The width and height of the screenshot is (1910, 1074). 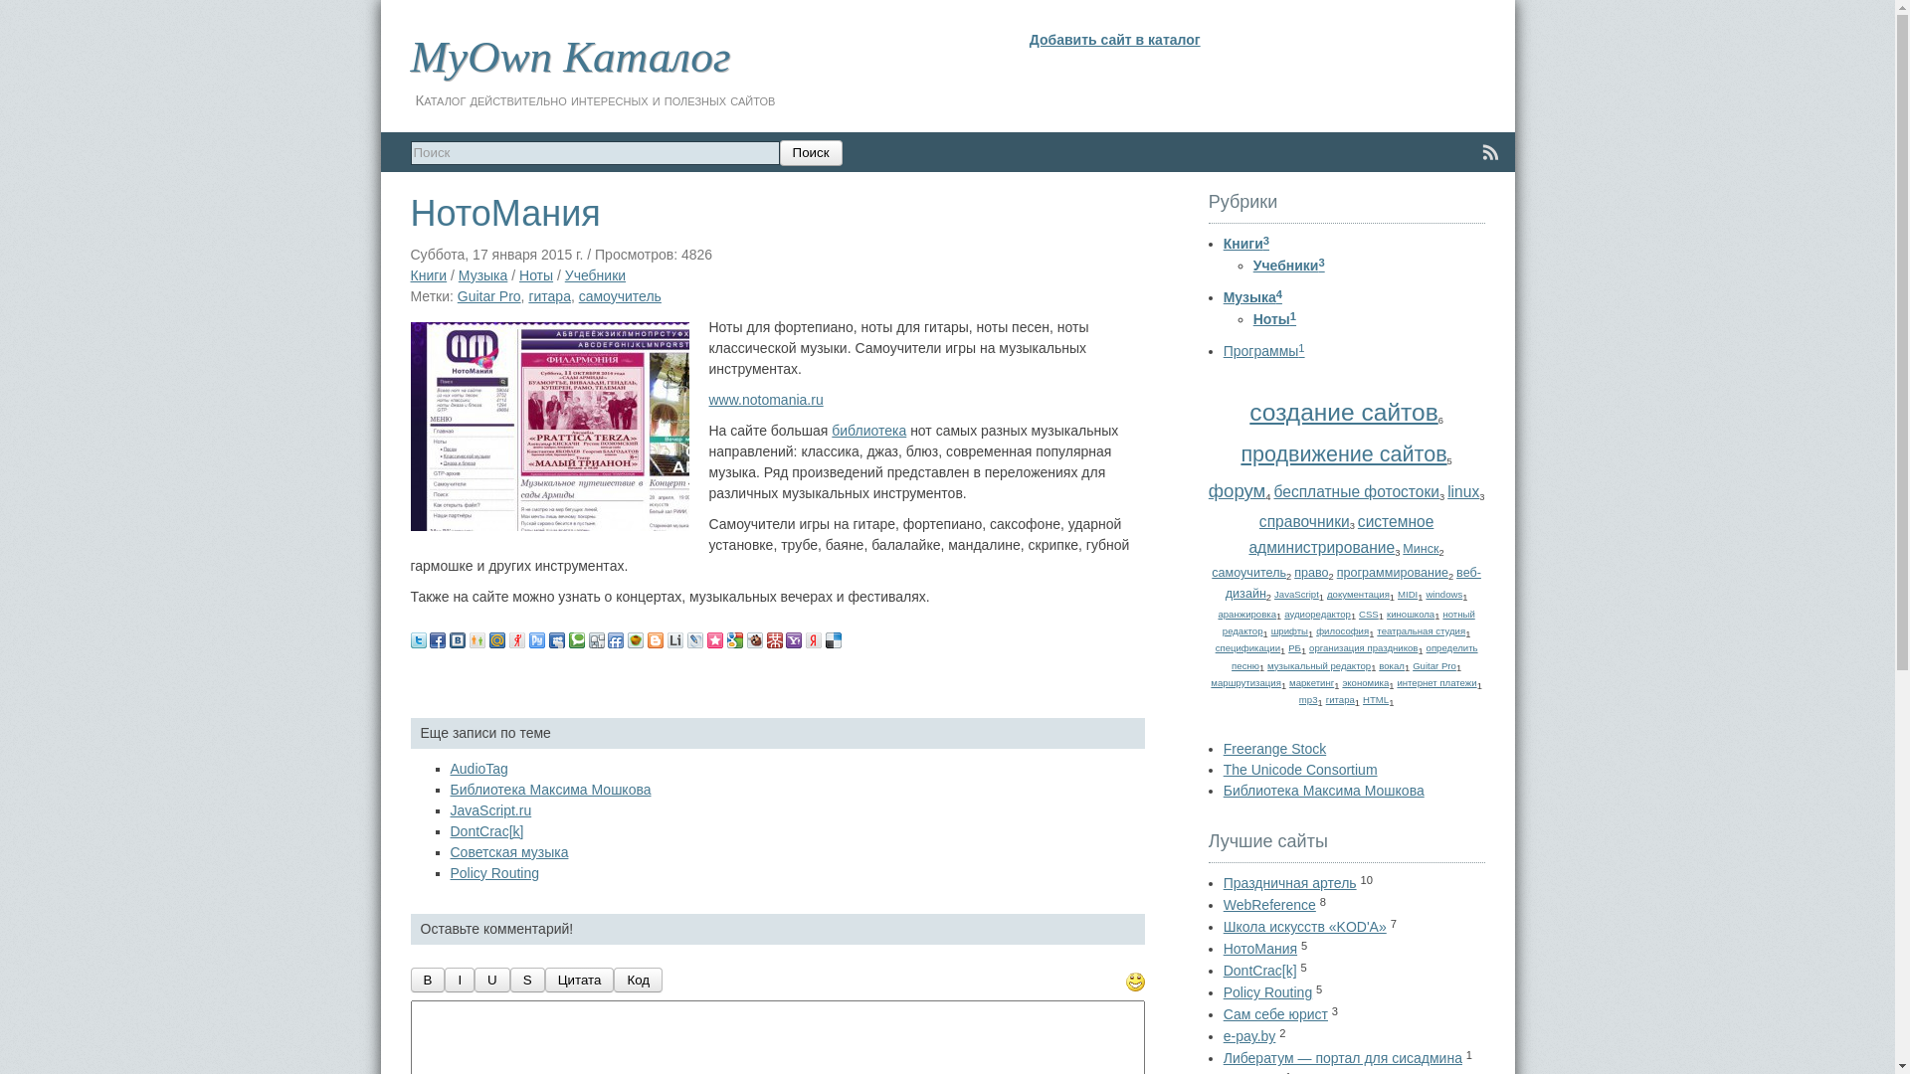 What do you see at coordinates (1248, 1034) in the screenshot?
I see `'e-pay.by'` at bounding box center [1248, 1034].